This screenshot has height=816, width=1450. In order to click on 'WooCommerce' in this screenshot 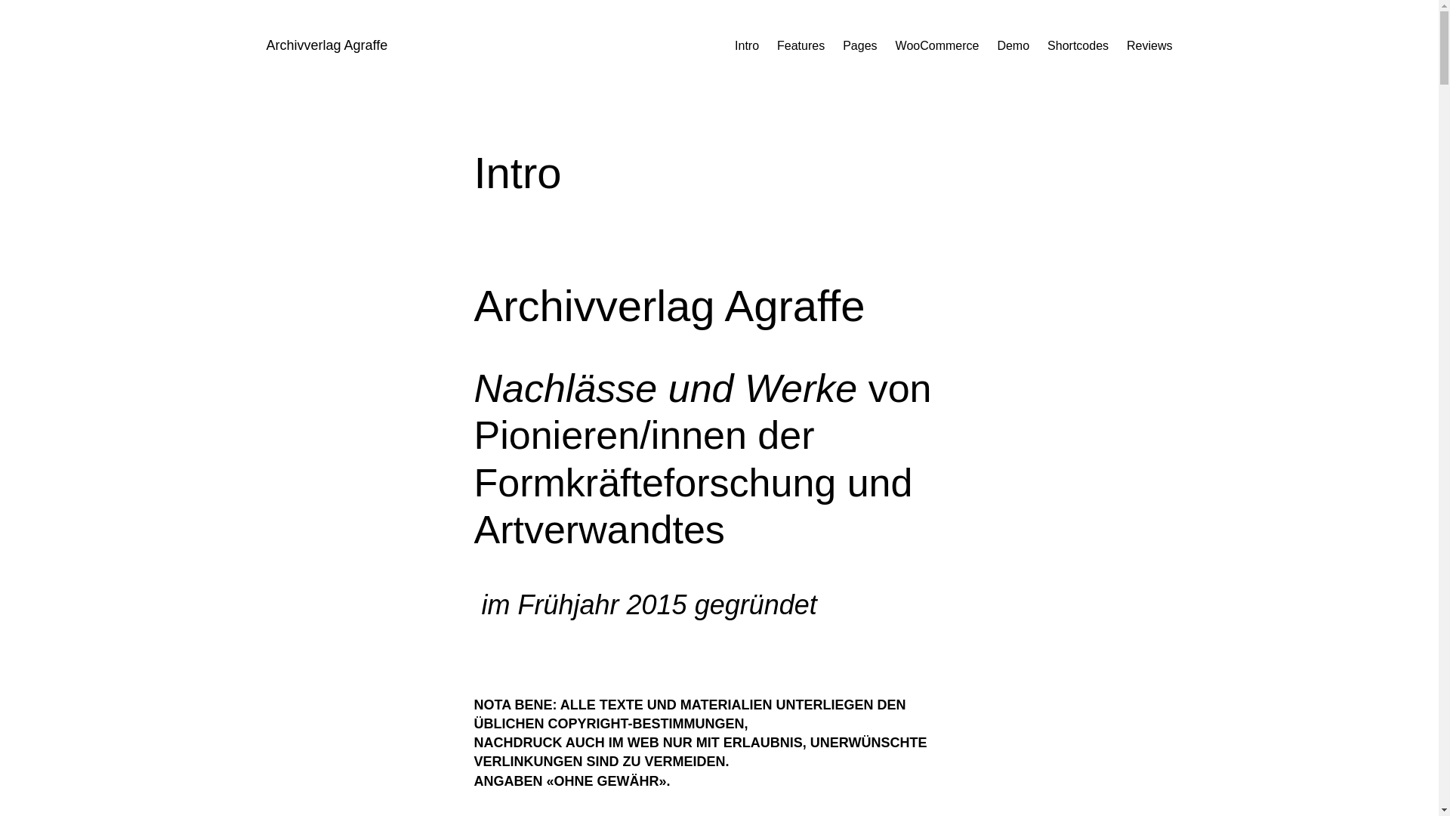, I will do `click(936, 45)`.